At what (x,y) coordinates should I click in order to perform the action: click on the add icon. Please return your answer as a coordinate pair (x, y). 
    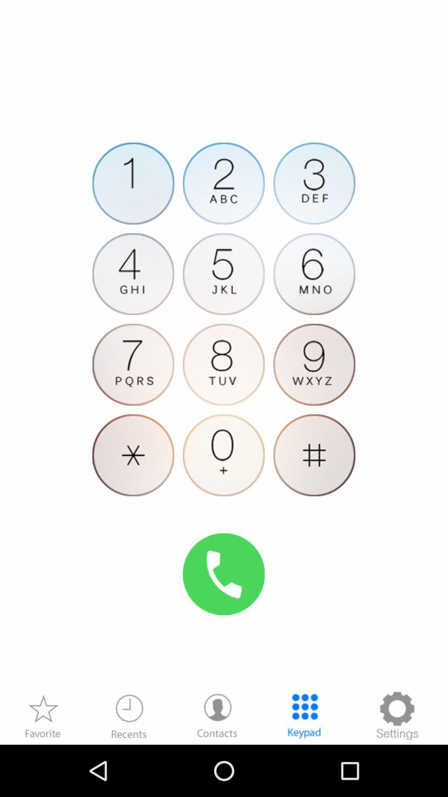
    Looking at the image, I should click on (314, 487).